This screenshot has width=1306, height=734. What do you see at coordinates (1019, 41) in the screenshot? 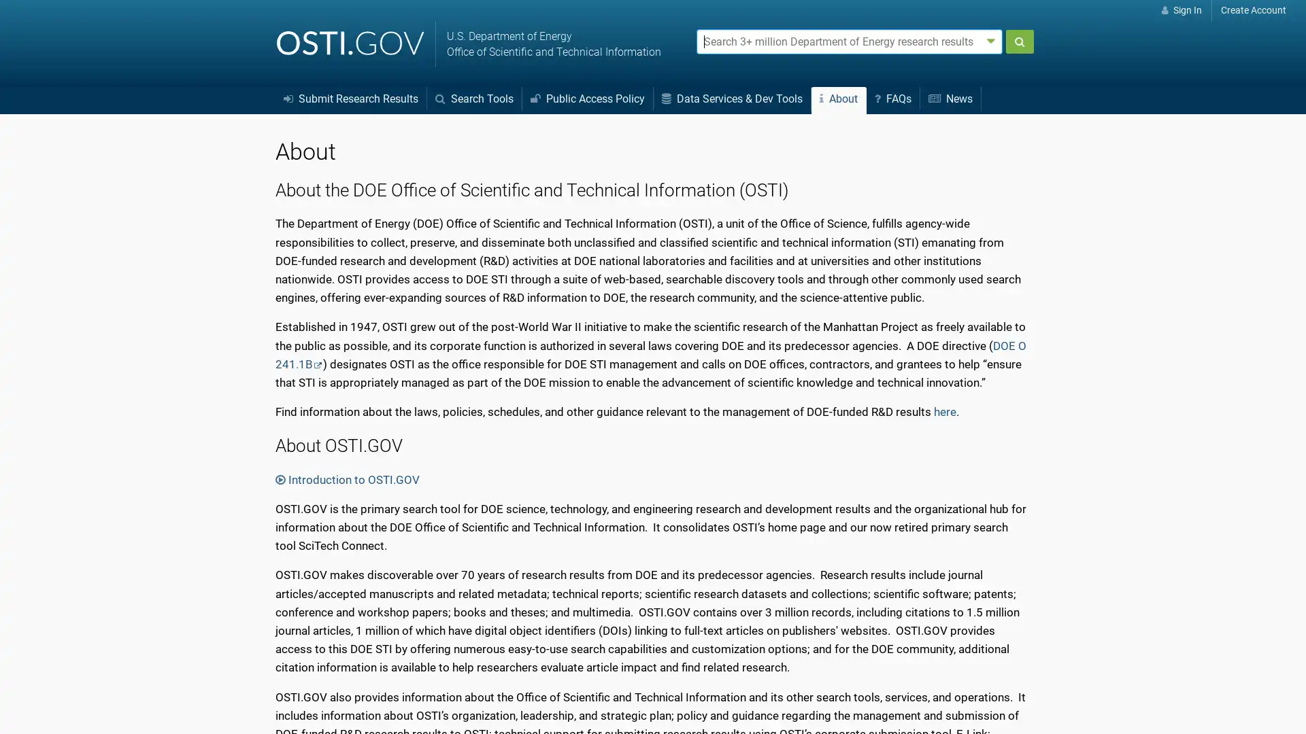
I see `Submit` at bounding box center [1019, 41].